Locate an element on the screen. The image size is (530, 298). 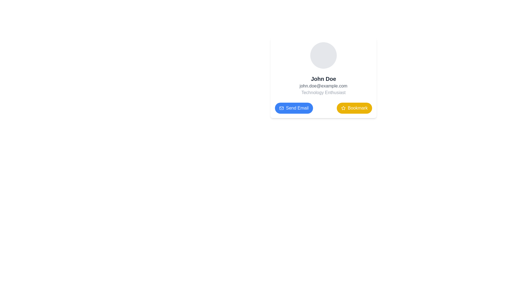
the bookmarking icon located to the left side of the 'Bookmark' button, which signifies saving or marking an item as a favorite is located at coordinates (343, 108).